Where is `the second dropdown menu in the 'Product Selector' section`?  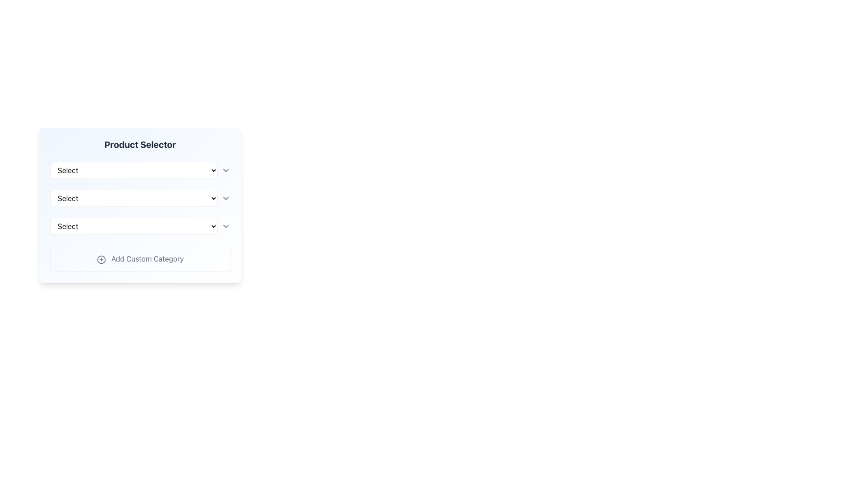 the second dropdown menu in the 'Product Selector' section is located at coordinates (140, 205).